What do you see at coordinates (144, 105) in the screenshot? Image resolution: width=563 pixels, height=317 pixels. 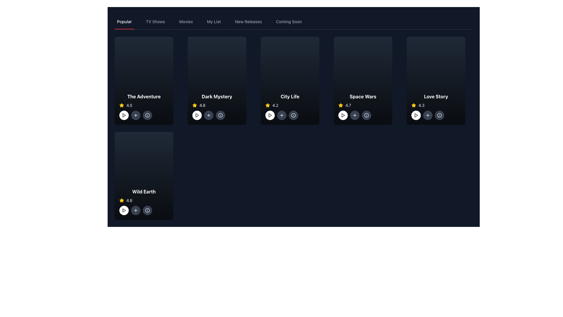 I see `the rating indicator for 'The Adventure', which is located in the first card of the top row, beneath the title and above the action buttons` at bounding box center [144, 105].